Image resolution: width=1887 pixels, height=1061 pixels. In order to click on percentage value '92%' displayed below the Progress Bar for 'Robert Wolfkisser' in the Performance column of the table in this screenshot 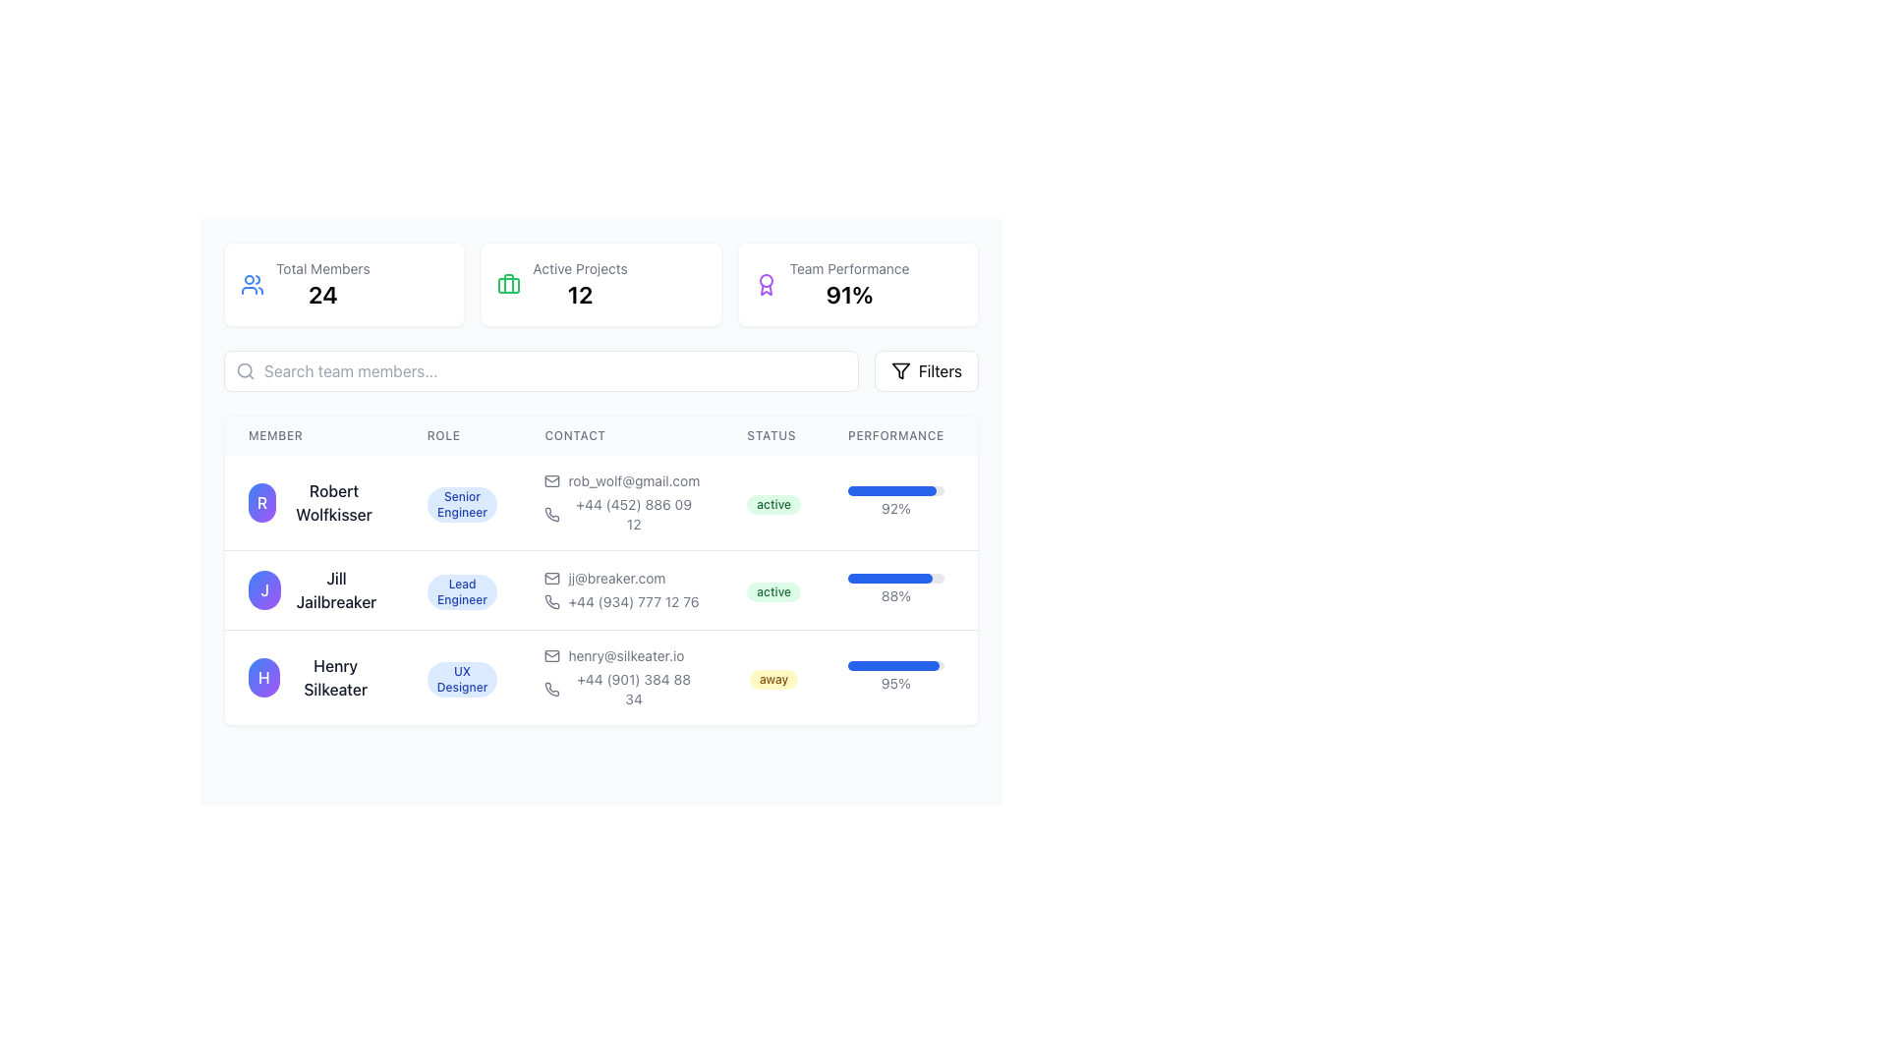, I will do `click(895, 502)`.